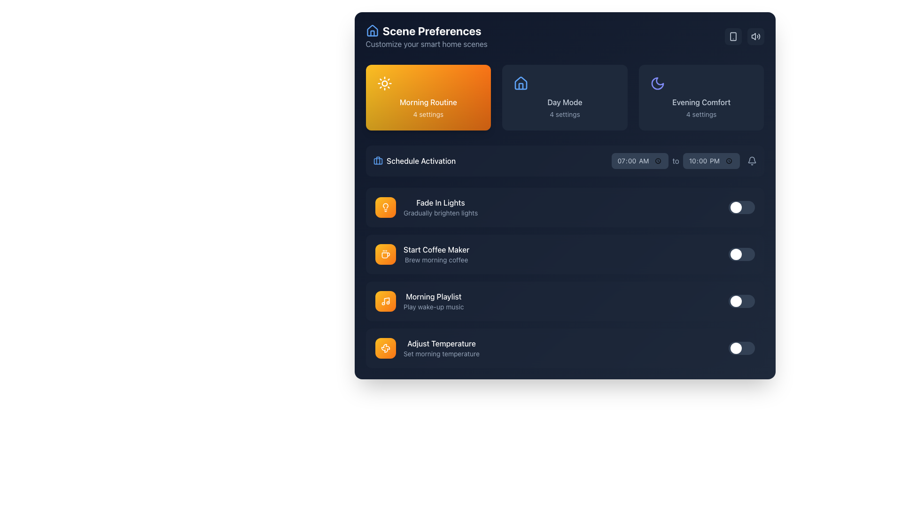  What do you see at coordinates (521, 86) in the screenshot?
I see `the right vertical part of the 'House' icon, which is located next to the 'Day Mode' text in the top section of the interface` at bounding box center [521, 86].